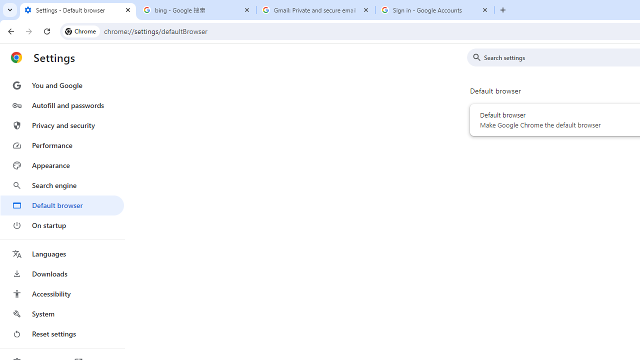 Image resolution: width=640 pixels, height=360 pixels. Describe the element at coordinates (61, 124) in the screenshot. I see `'Privacy and security'` at that location.